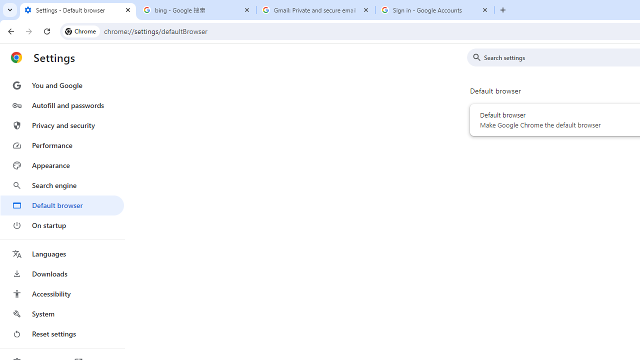 Image resolution: width=640 pixels, height=360 pixels. Describe the element at coordinates (61, 124) in the screenshot. I see `'Privacy and security'` at that location.